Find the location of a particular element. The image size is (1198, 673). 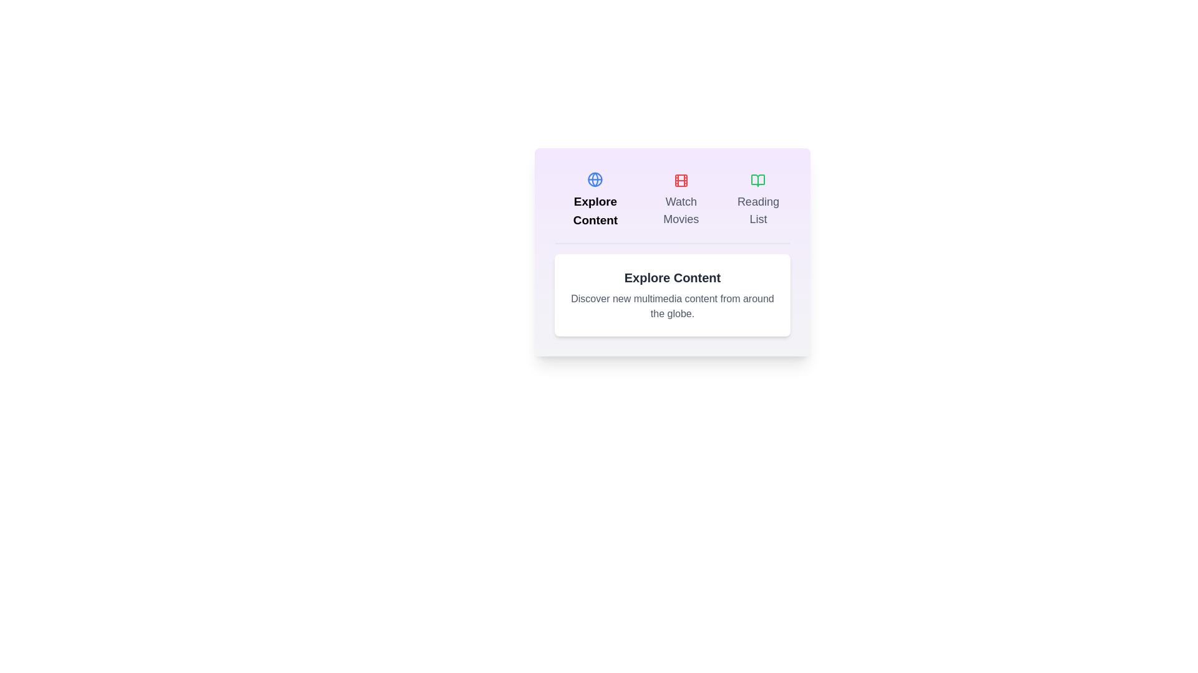

the button labeled Reading List to observe the visual feedback is located at coordinates (757, 199).